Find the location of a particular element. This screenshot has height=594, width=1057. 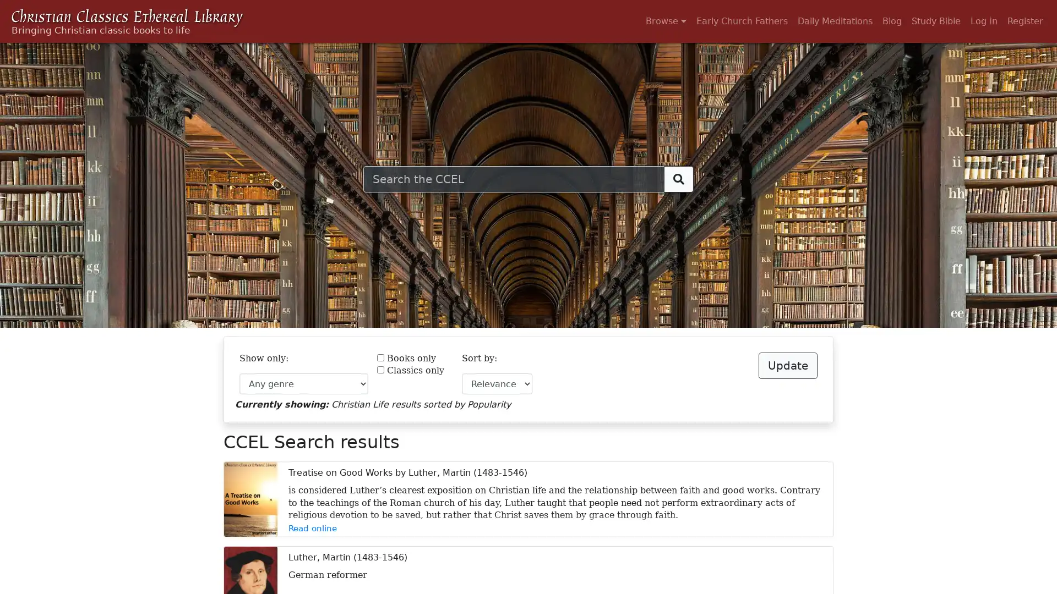

Early Church Fathers is located at coordinates (742, 21).